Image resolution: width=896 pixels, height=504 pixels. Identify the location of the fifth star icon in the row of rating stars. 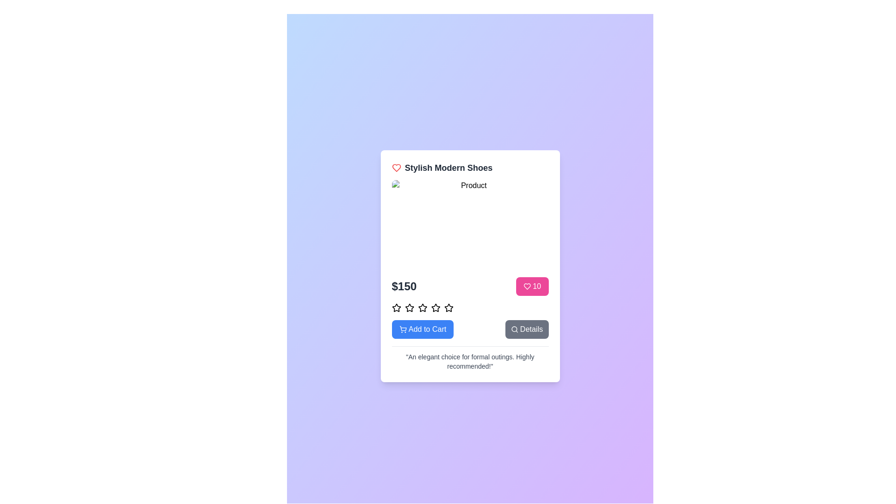
(422, 308).